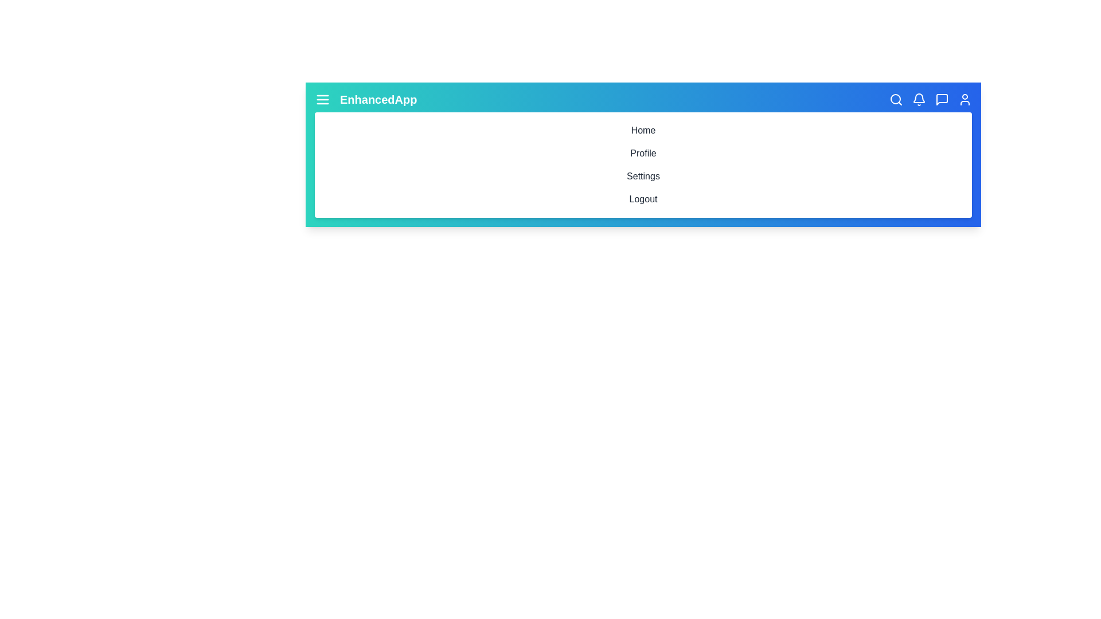 This screenshot has height=619, width=1101. I want to click on the title text 'EnhancedApp' to focus on it, so click(378, 99).